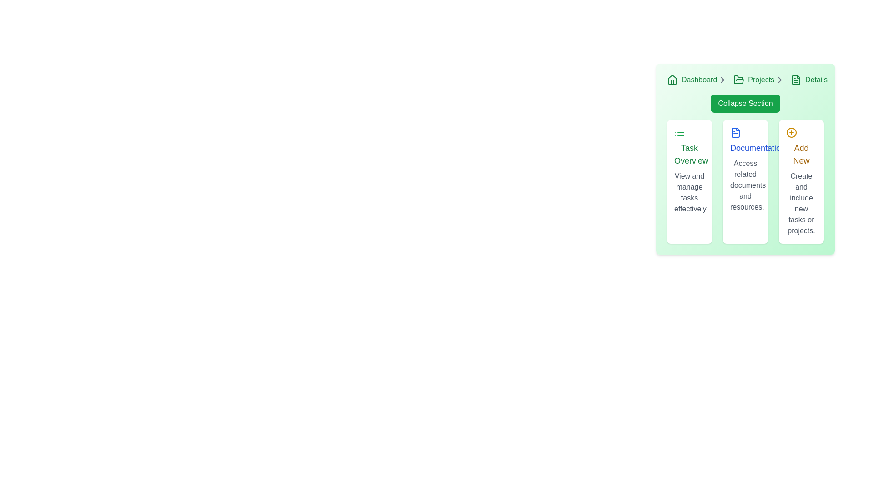 This screenshot has width=873, height=491. What do you see at coordinates (761, 80) in the screenshot?
I see `the breadcrumb text label that indicates the current section, positioned between the 'folder icon' and 'Details' in the navigation bar` at bounding box center [761, 80].